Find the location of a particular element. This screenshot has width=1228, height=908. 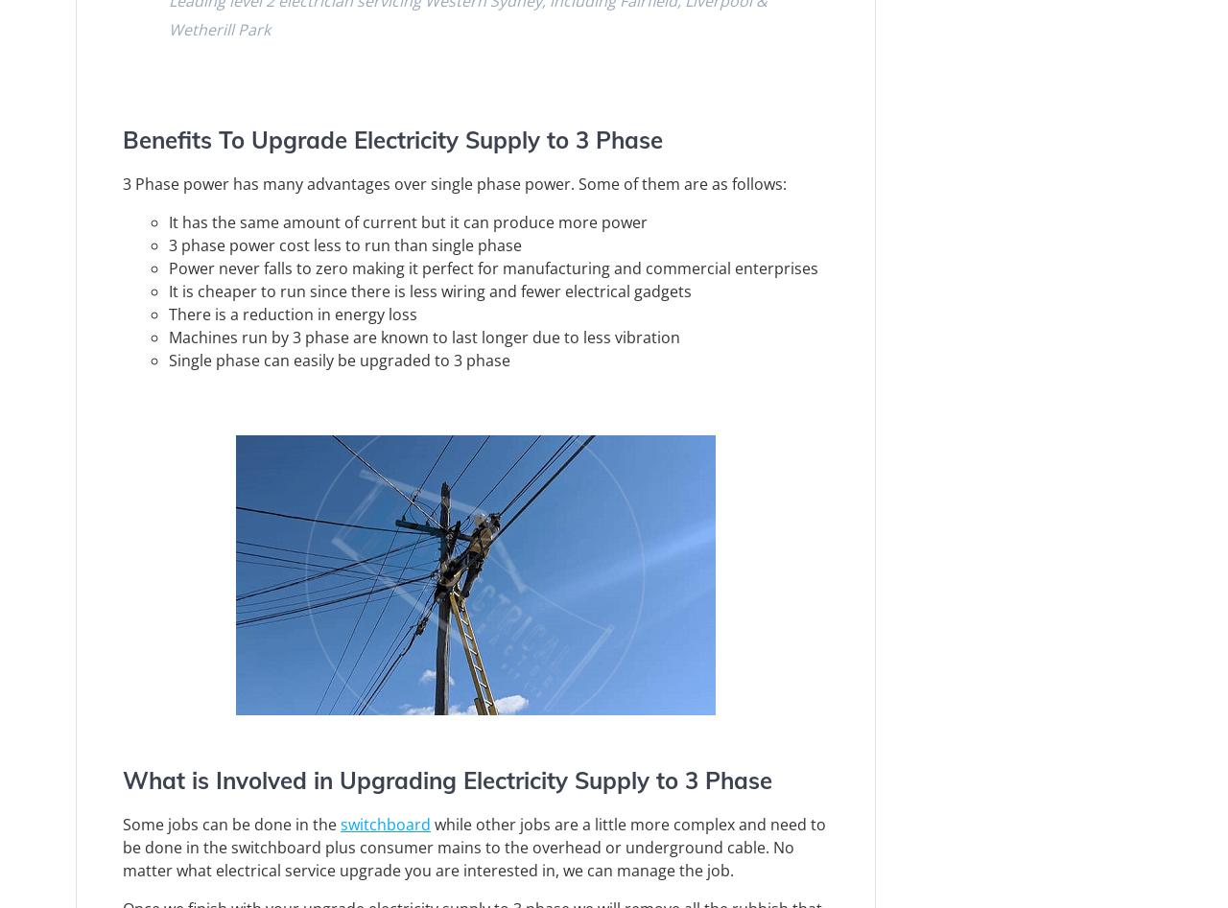

'There is a reduction in energy loss' is located at coordinates (292, 312).